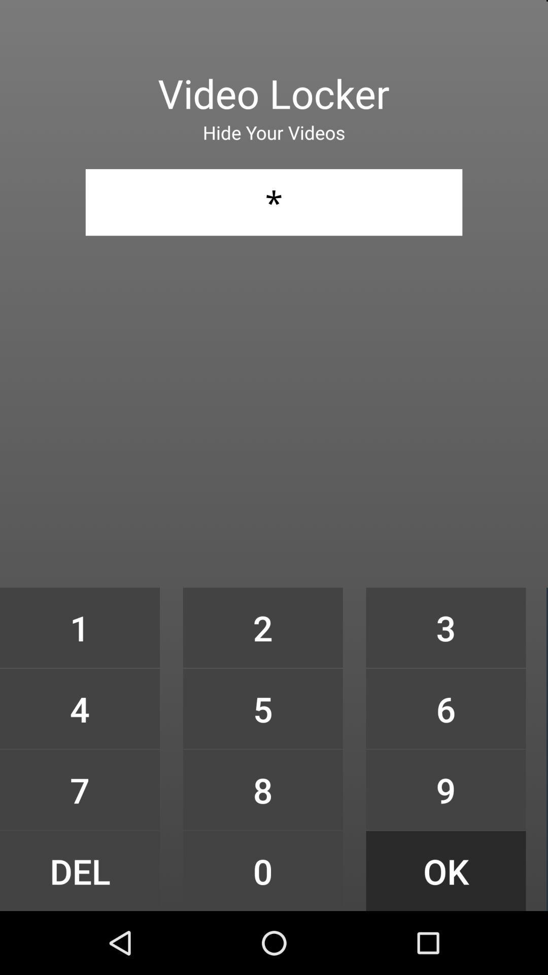 The image size is (548, 975). I want to click on 6 icon, so click(446, 708).